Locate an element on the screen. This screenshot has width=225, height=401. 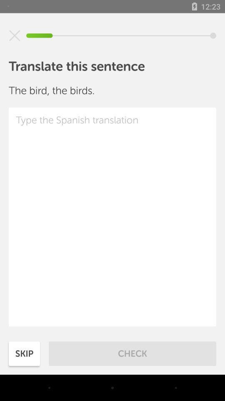
the skip is located at coordinates (24, 353).